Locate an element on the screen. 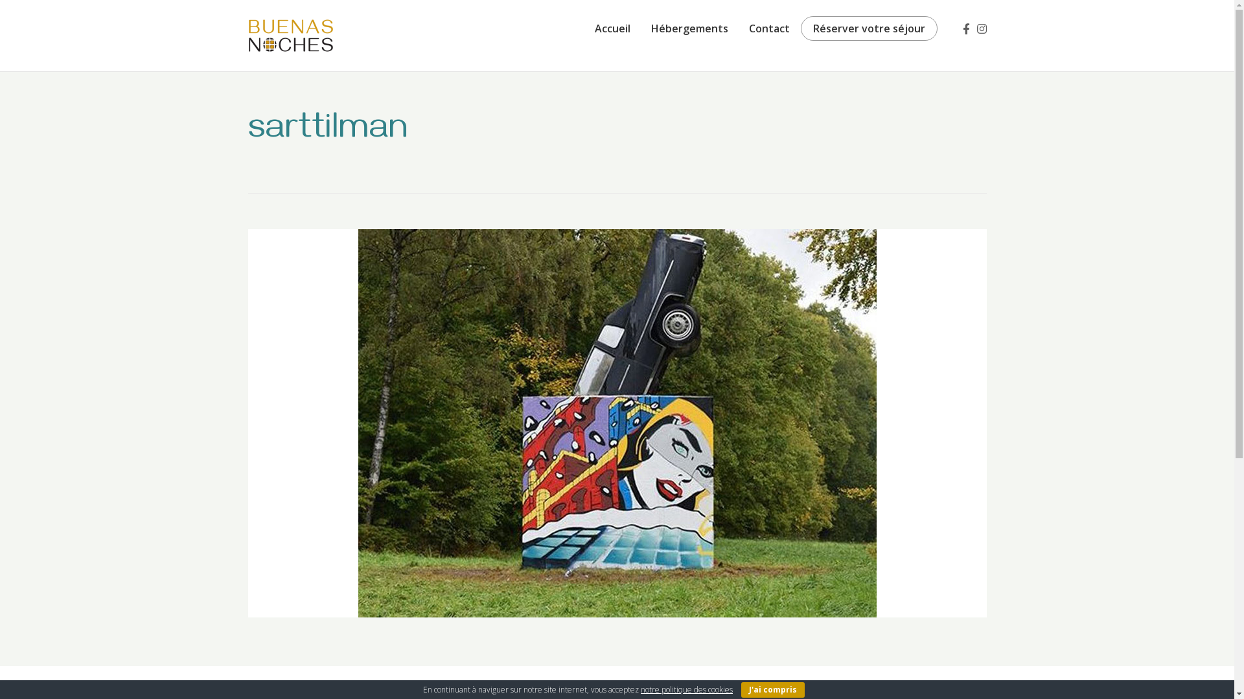 The image size is (1244, 699). 'notre politique des cookies' is located at coordinates (686, 689).